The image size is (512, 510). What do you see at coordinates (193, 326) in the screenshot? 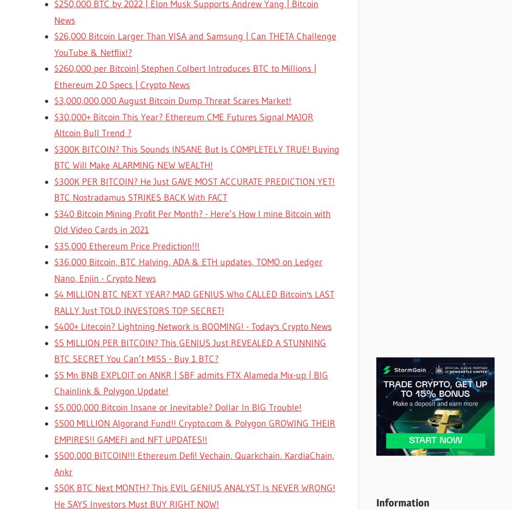
I see `'$400+ Litecoin? Lightning Network is BOOMING! - Today's Crypto News'` at bounding box center [193, 326].